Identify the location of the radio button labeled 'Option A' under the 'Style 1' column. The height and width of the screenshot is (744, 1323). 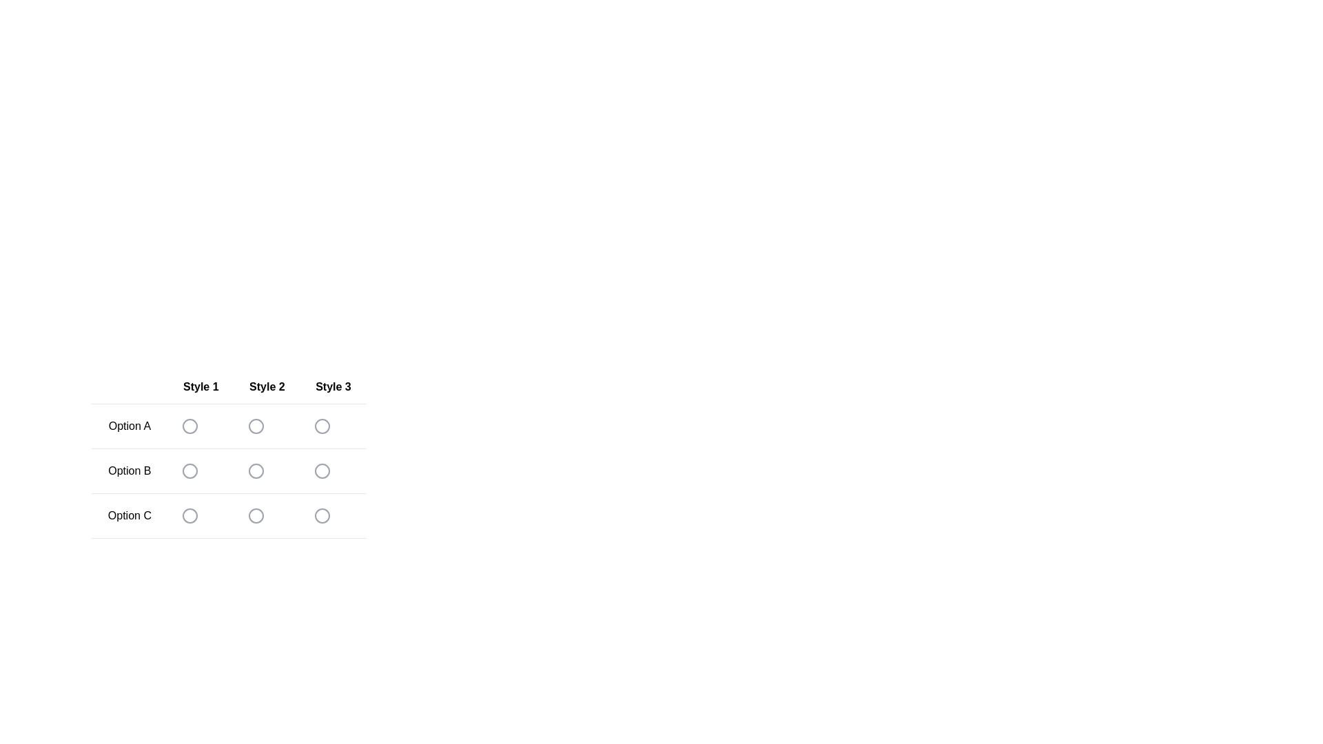
(189, 425).